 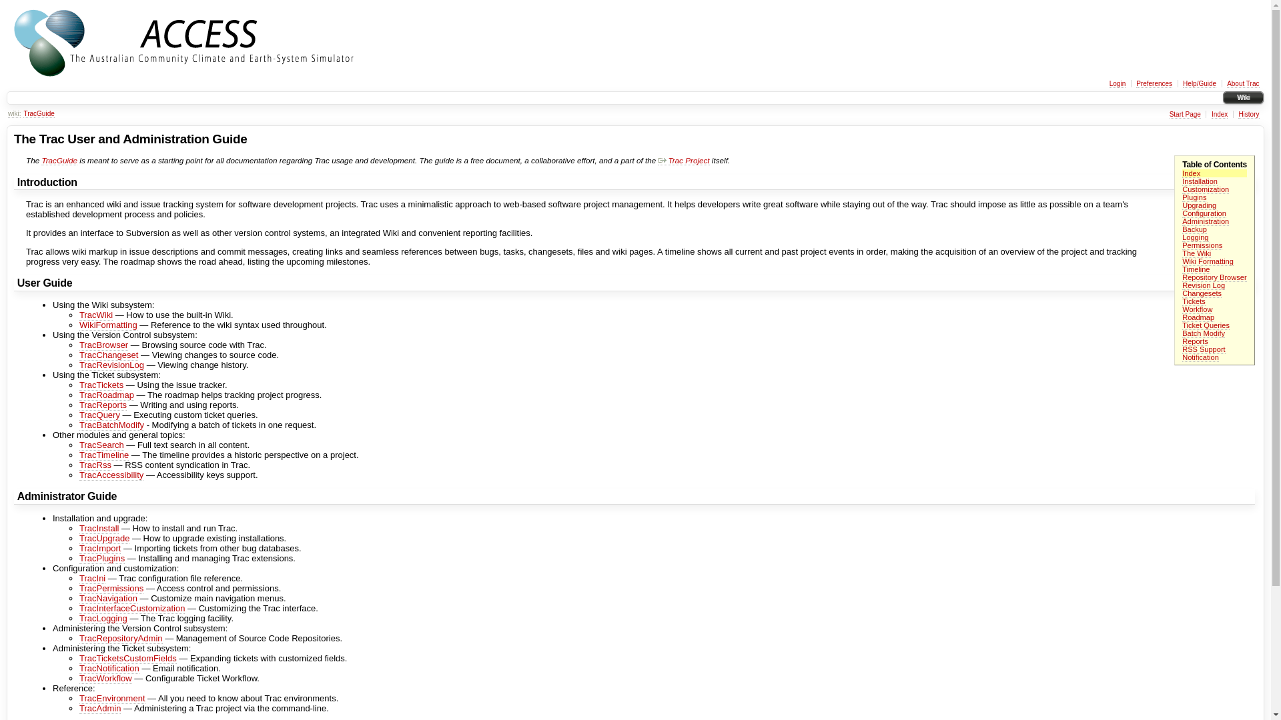 I want to click on 'TracGuide', so click(x=59, y=159).